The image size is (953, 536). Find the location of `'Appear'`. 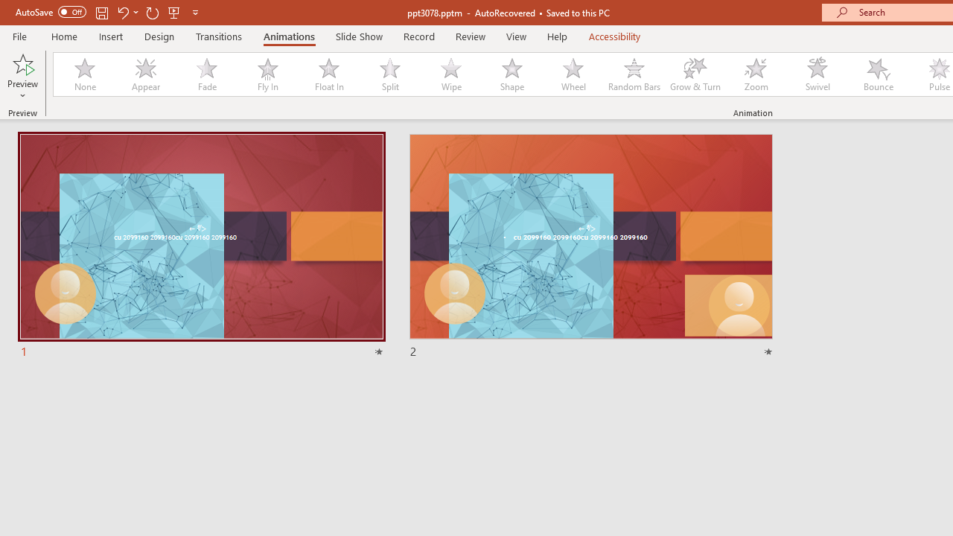

'Appear' is located at coordinates (145, 74).